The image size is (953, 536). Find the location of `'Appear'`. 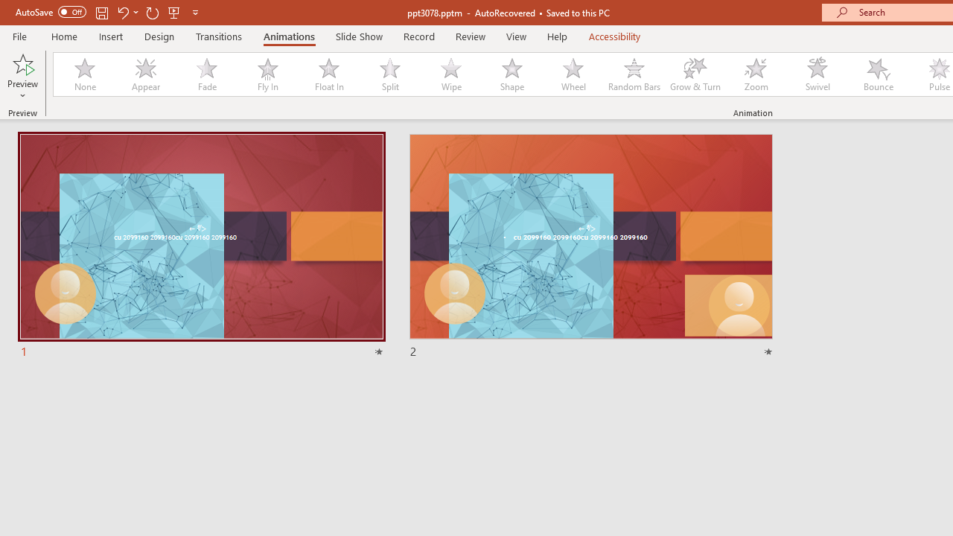

'Appear' is located at coordinates (145, 74).